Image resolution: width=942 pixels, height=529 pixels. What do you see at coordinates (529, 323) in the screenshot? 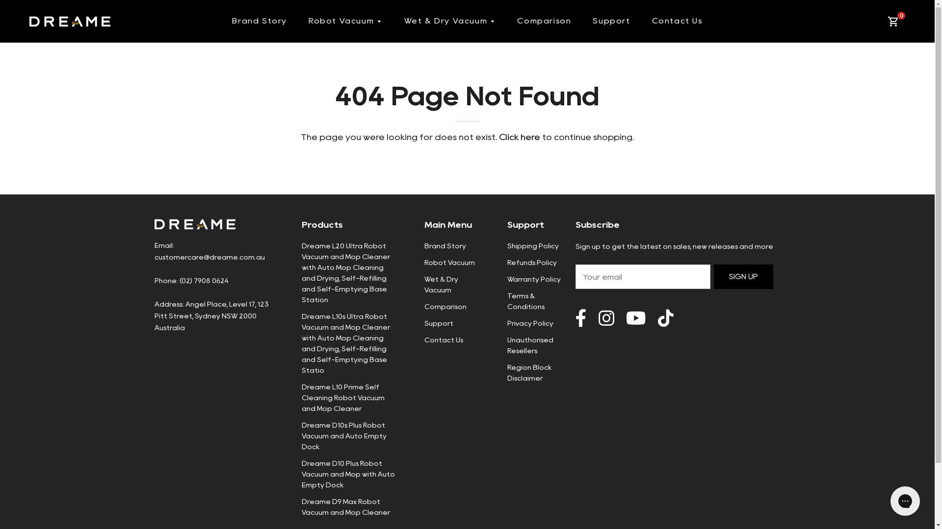
I see `'Privacy Policy'` at bounding box center [529, 323].